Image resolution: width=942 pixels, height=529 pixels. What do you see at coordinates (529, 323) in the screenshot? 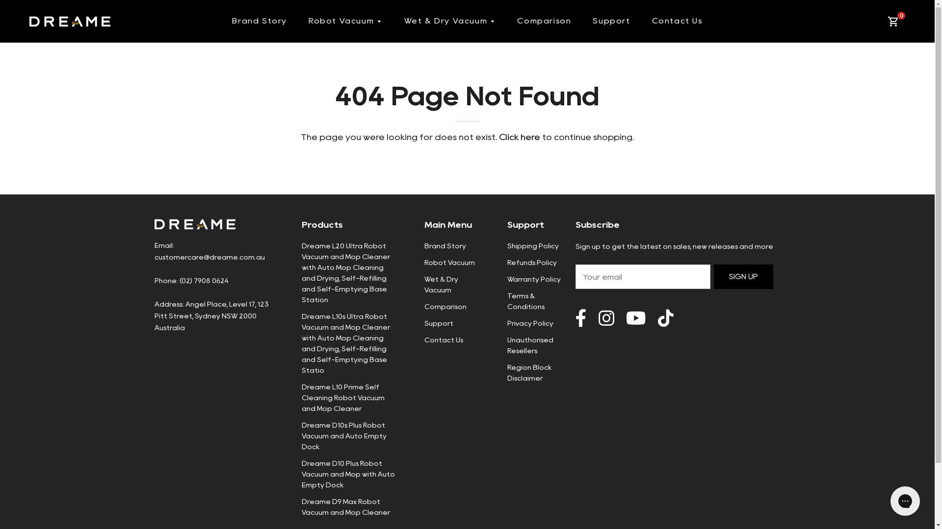
I see `'Privacy Policy'` at bounding box center [529, 323].